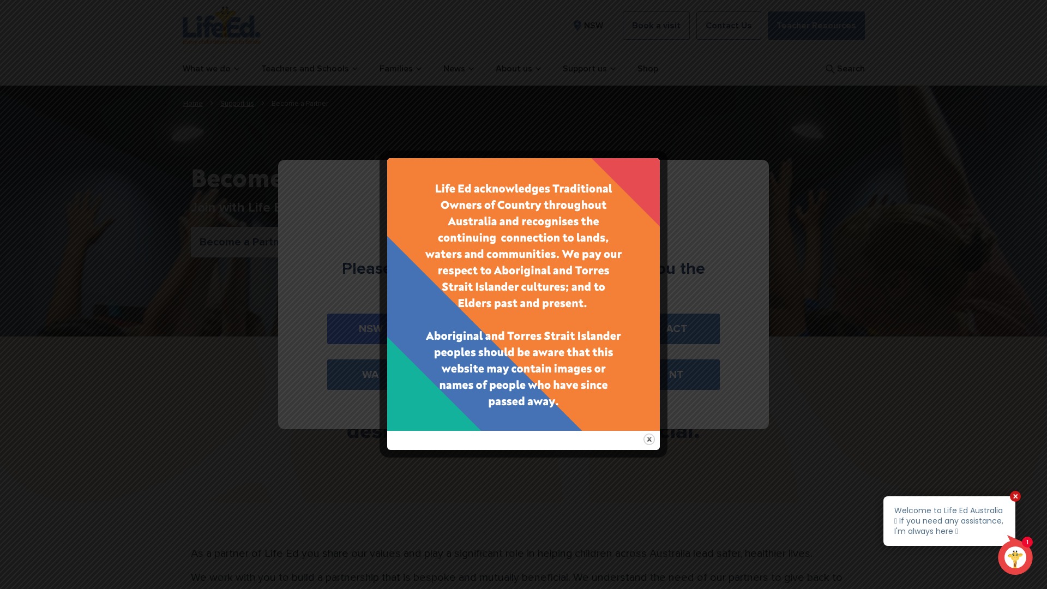 This screenshot has height=589, width=1047. Describe the element at coordinates (647, 69) in the screenshot. I see `'Shop'` at that location.